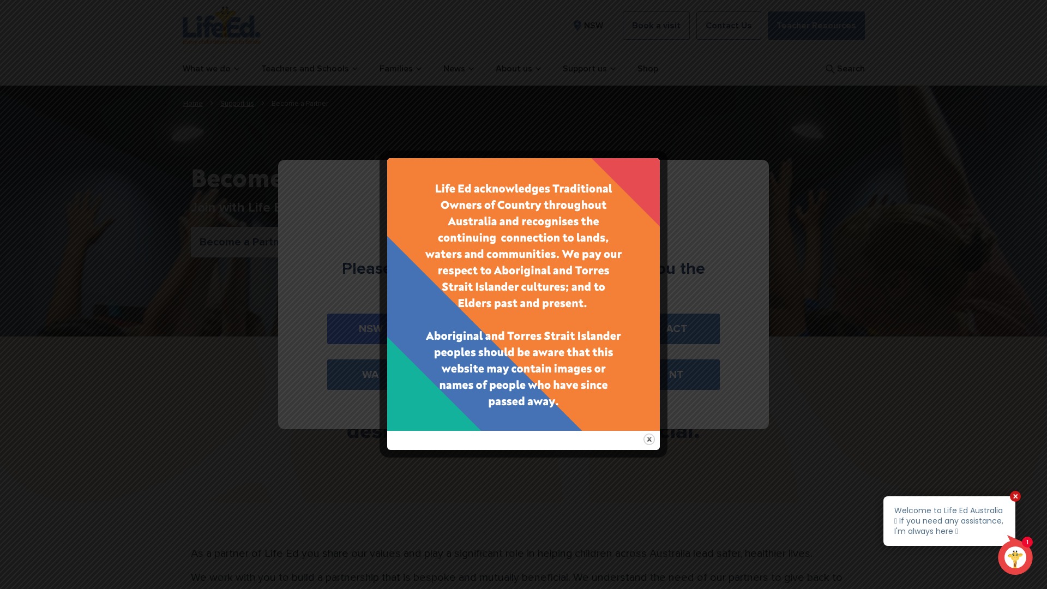 This screenshot has height=589, width=1047. Describe the element at coordinates (647, 69) in the screenshot. I see `'Shop'` at that location.